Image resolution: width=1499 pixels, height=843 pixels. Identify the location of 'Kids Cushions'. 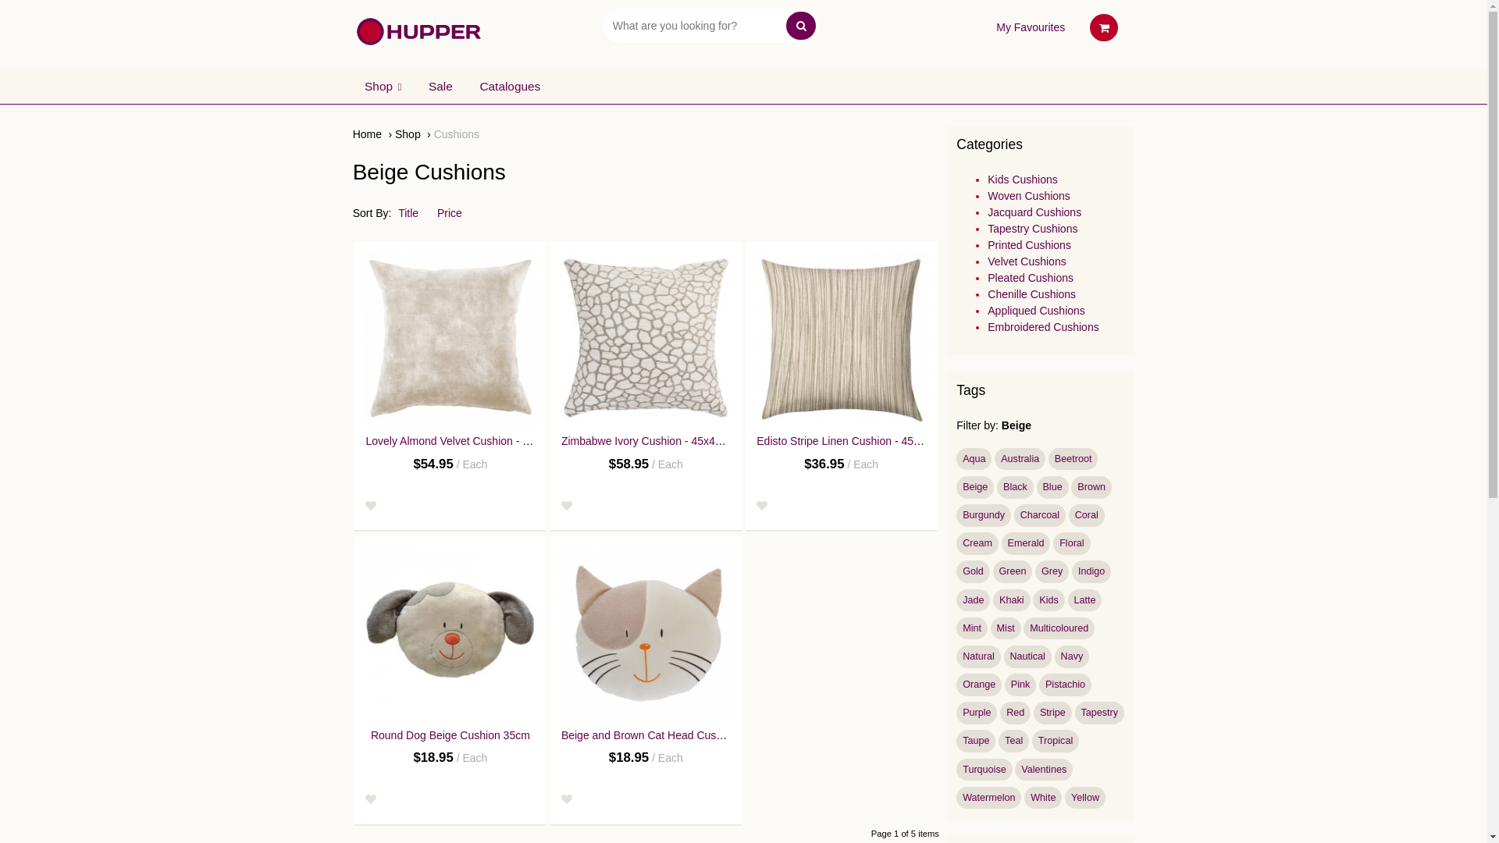
(1023, 179).